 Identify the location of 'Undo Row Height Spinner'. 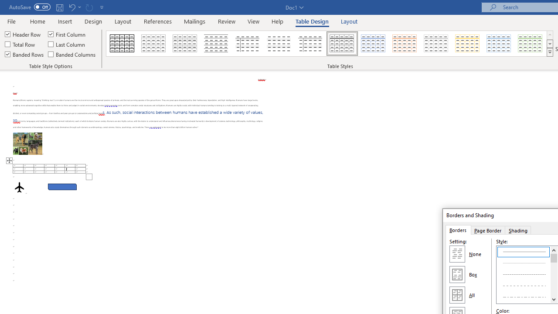
(74, 7).